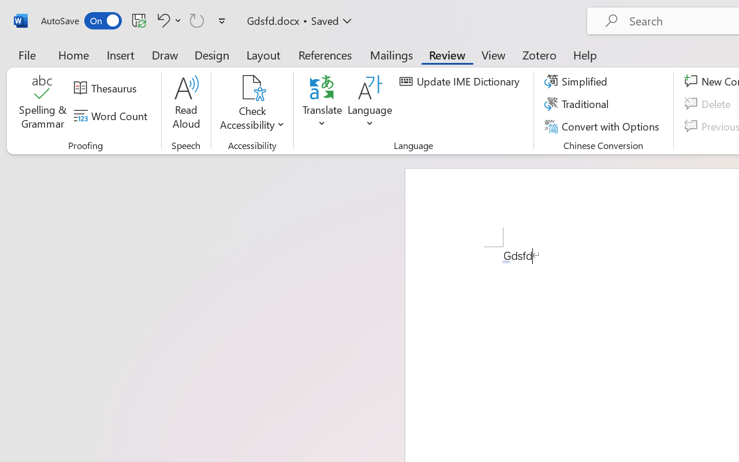 This screenshot has height=462, width=739. What do you see at coordinates (370, 103) in the screenshot?
I see `'Language'` at bounding box center [370, 103].